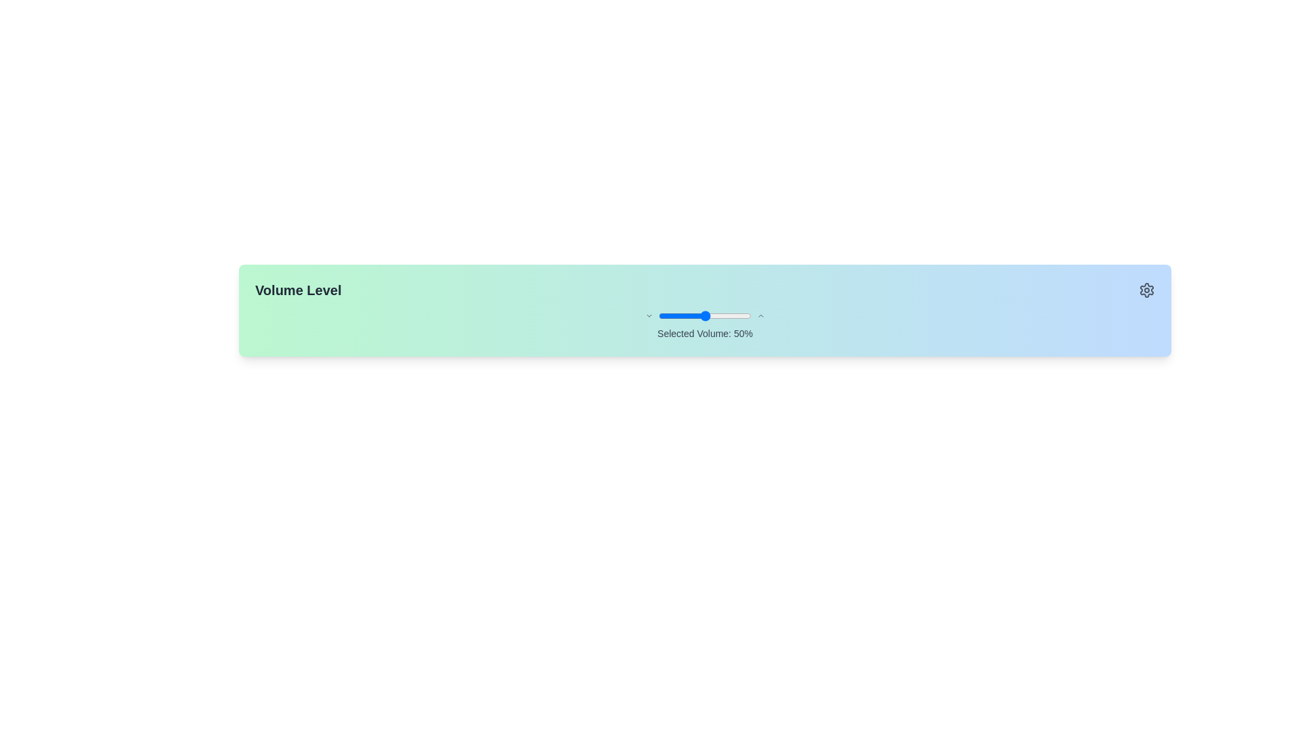 This screenshot has height=731, width=1300. What do you see at coordinates (1146, 289) in the screenshot?
I see `the cogwheel-shaped Settings icon located in the top-right corner of the interface` at bounding box center [1146, 289].